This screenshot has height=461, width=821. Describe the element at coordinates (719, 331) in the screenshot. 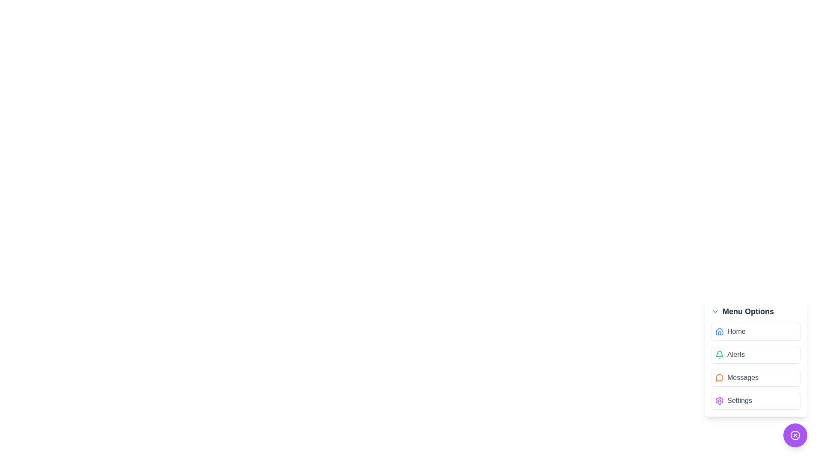

I see `the thin-lined blue house icon that is the first item in the menu labeled 'Home'` at that location.